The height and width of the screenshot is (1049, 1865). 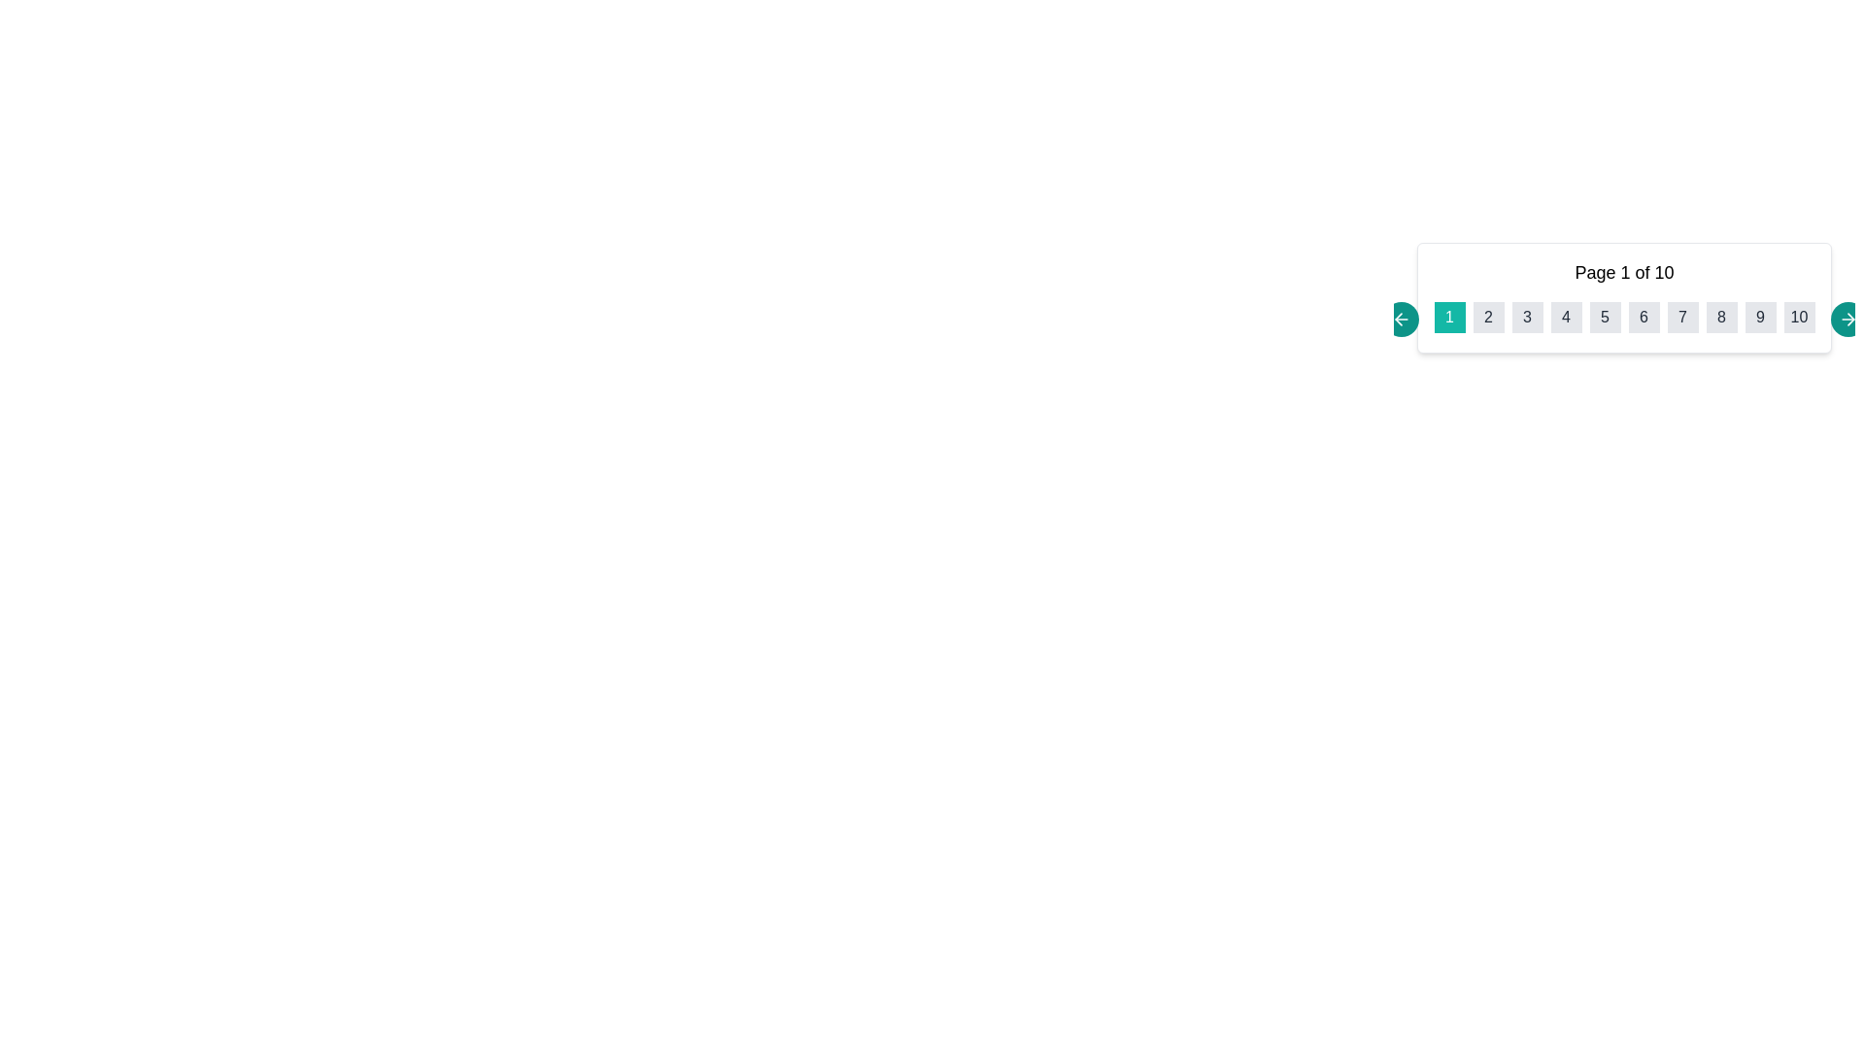 What do you see at coordinates (1401, 318) in the screenshot?
I see `the teal circular button with an embedded SVG icon that serves as a backward navigation control to activate its hover state` at bounding box center [1401, 318].